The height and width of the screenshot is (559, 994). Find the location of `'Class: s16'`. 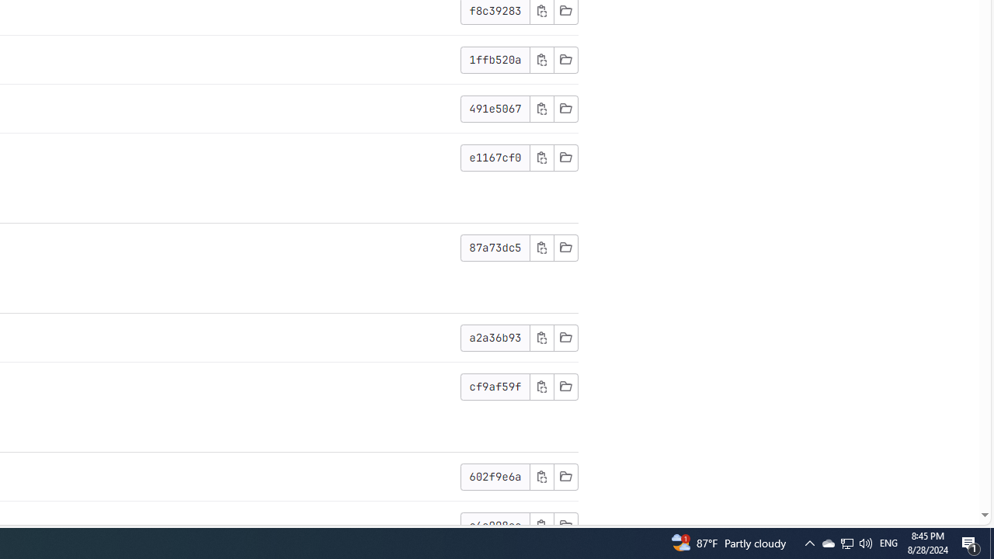

'Class: s16' is located at coordinates (565, 524).